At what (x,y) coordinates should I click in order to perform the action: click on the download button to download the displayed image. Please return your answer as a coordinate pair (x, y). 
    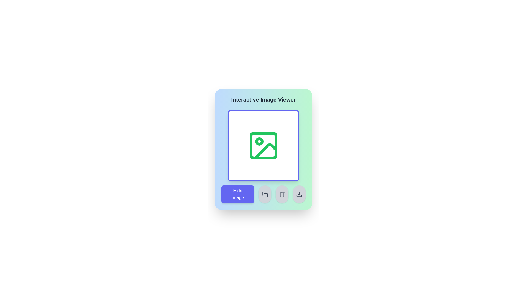
    Looking at the image, I should click on (299, 194).